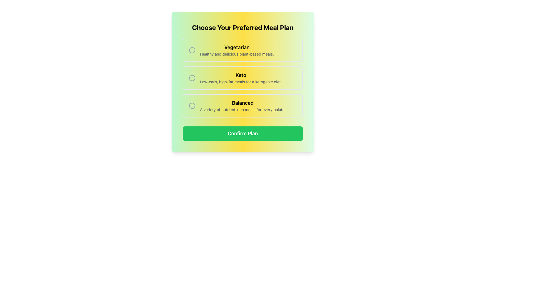 The width and height of the screenshot is (534, 300). Describe the element at coordinates (237, 54) in the screenshot. I see `the descriptive tagline Text Label for the 'Vegetarian' meal plan option to use it as a reference for selection` at that location.